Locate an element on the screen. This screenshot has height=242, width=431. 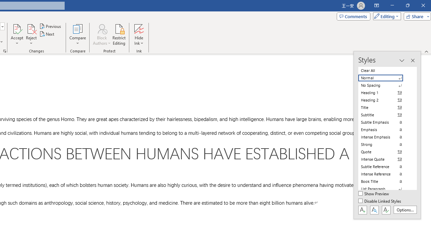
'List Paragraph' is located at coordinates (385, 189).